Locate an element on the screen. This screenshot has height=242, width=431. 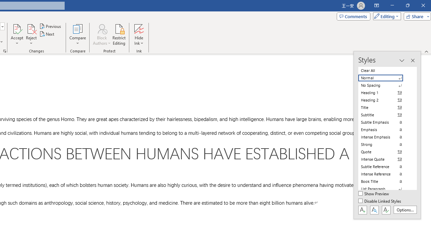
'List Paragraph' is located at coordinates (385, 189).